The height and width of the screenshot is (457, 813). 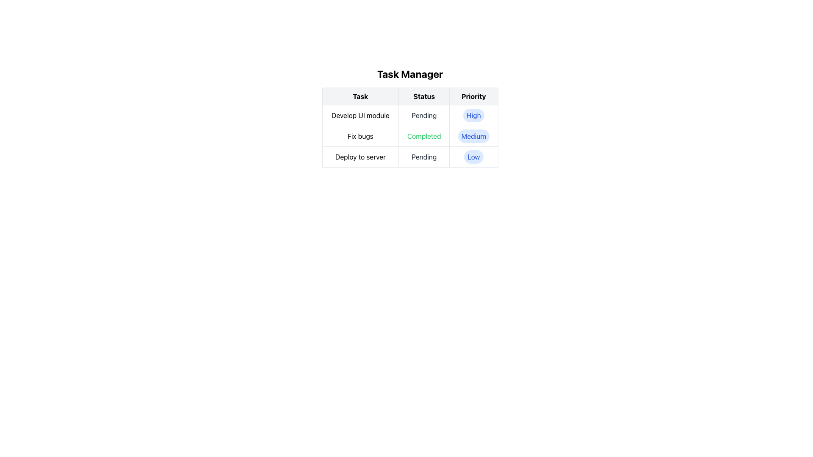 I want to click on the static text element titled 'Task Manager', which serves as a header for the content area, so click(x=410, y=73).